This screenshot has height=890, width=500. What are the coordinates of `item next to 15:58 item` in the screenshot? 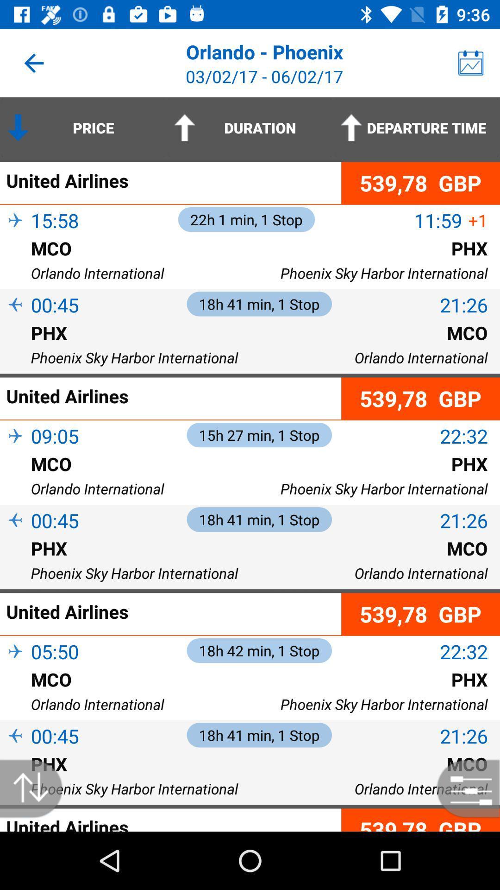 It's located at (15, 236).